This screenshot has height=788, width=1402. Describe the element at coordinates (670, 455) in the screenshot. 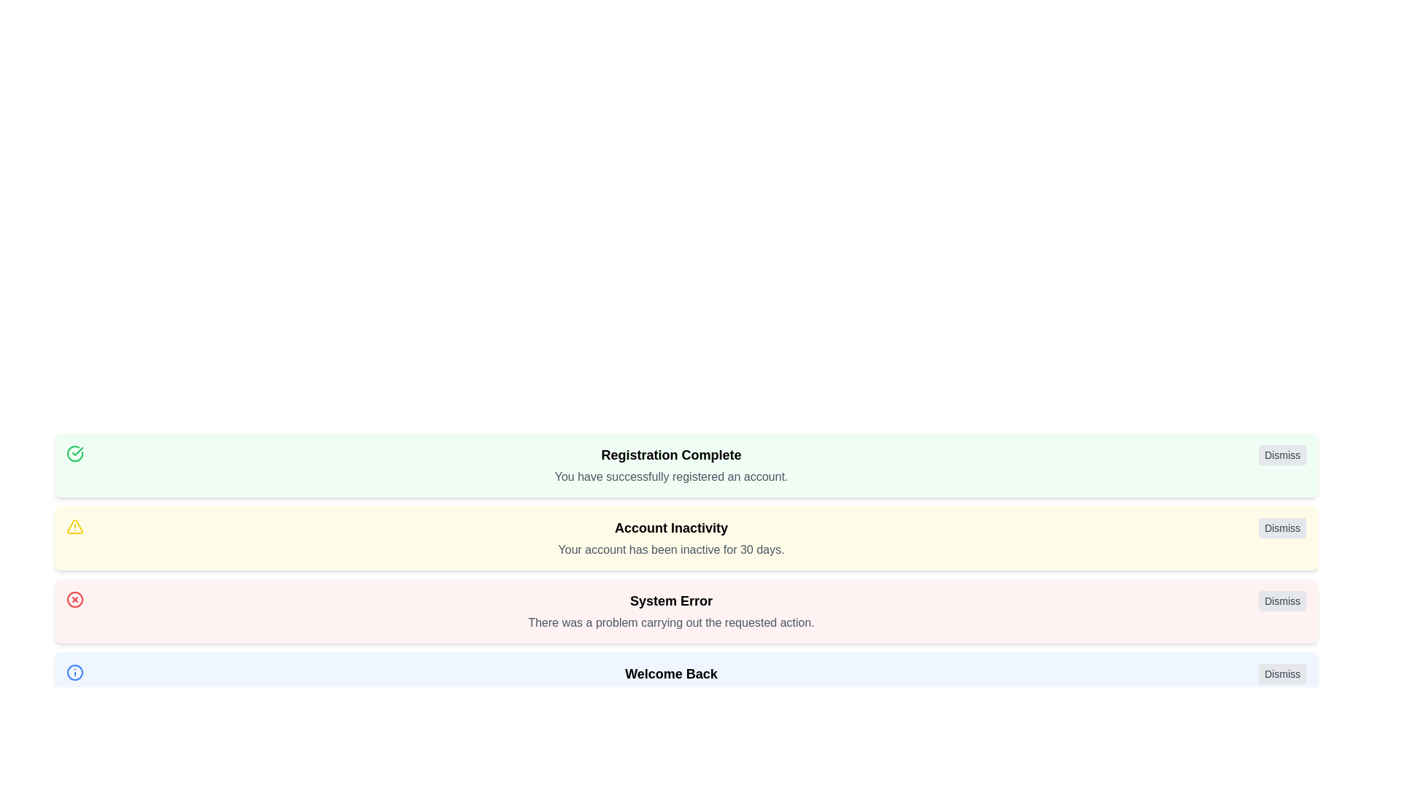

I see `the bold and large-sized text reading 'Registration Complete', which is displayed as a title in the notification section at the top of the page's notification stack` at that location.